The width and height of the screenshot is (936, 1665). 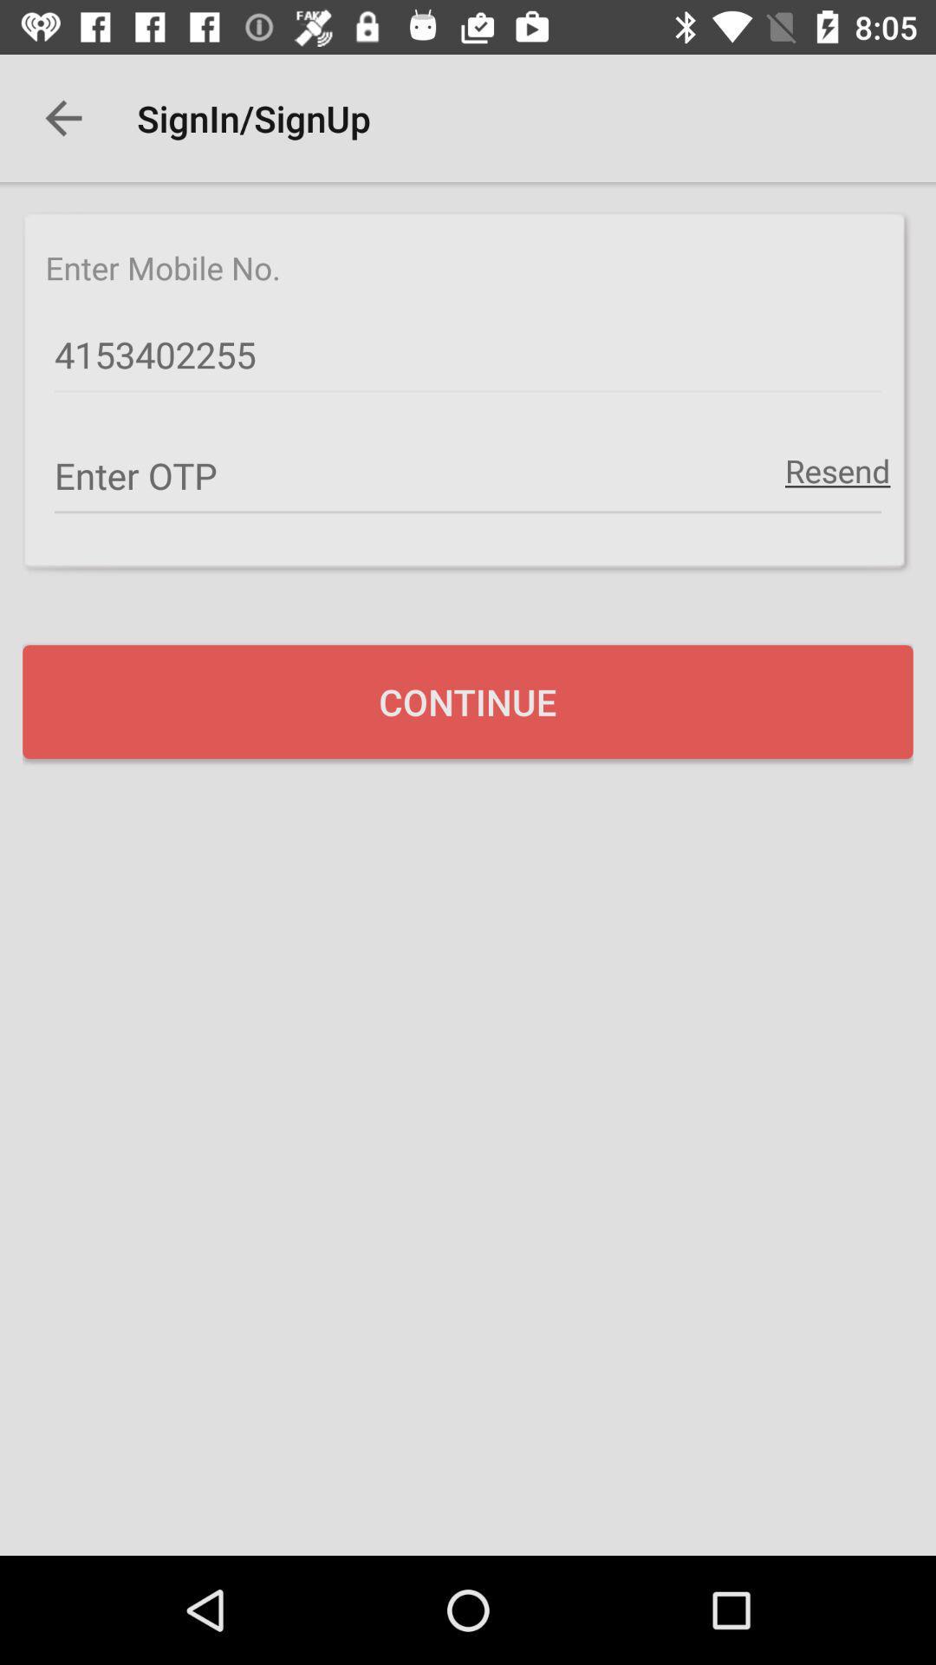 I want to click on the resend icon, so click(x=836, y=470).